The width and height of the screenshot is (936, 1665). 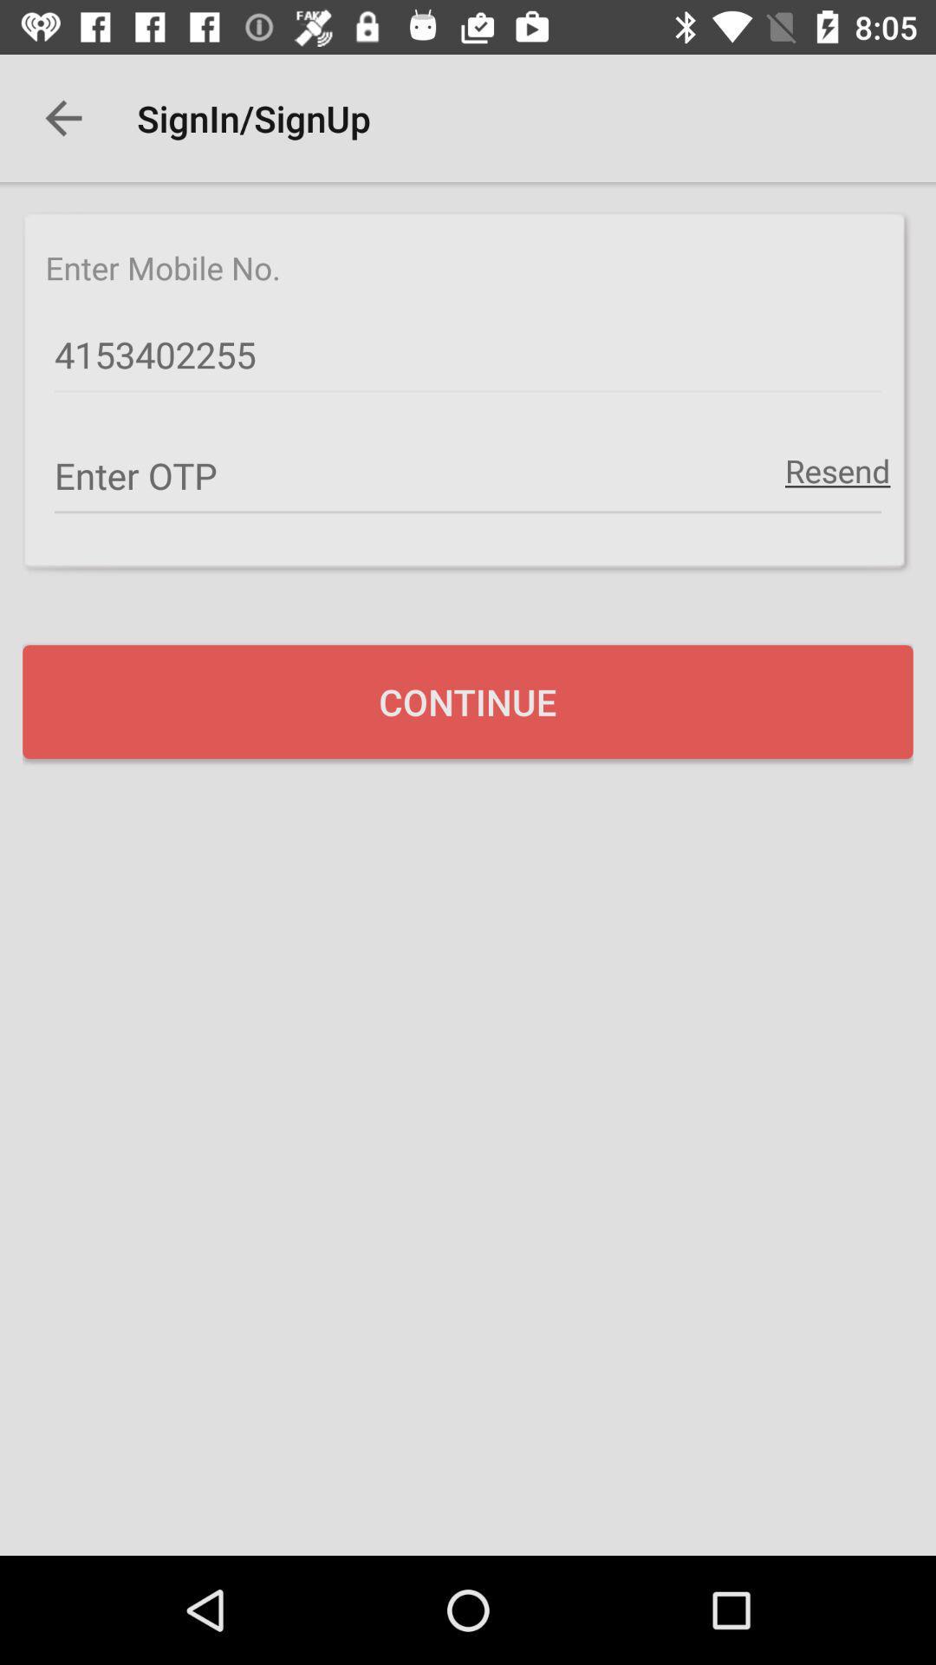 I want to click on the resend icon, so click(x=836, y=470).